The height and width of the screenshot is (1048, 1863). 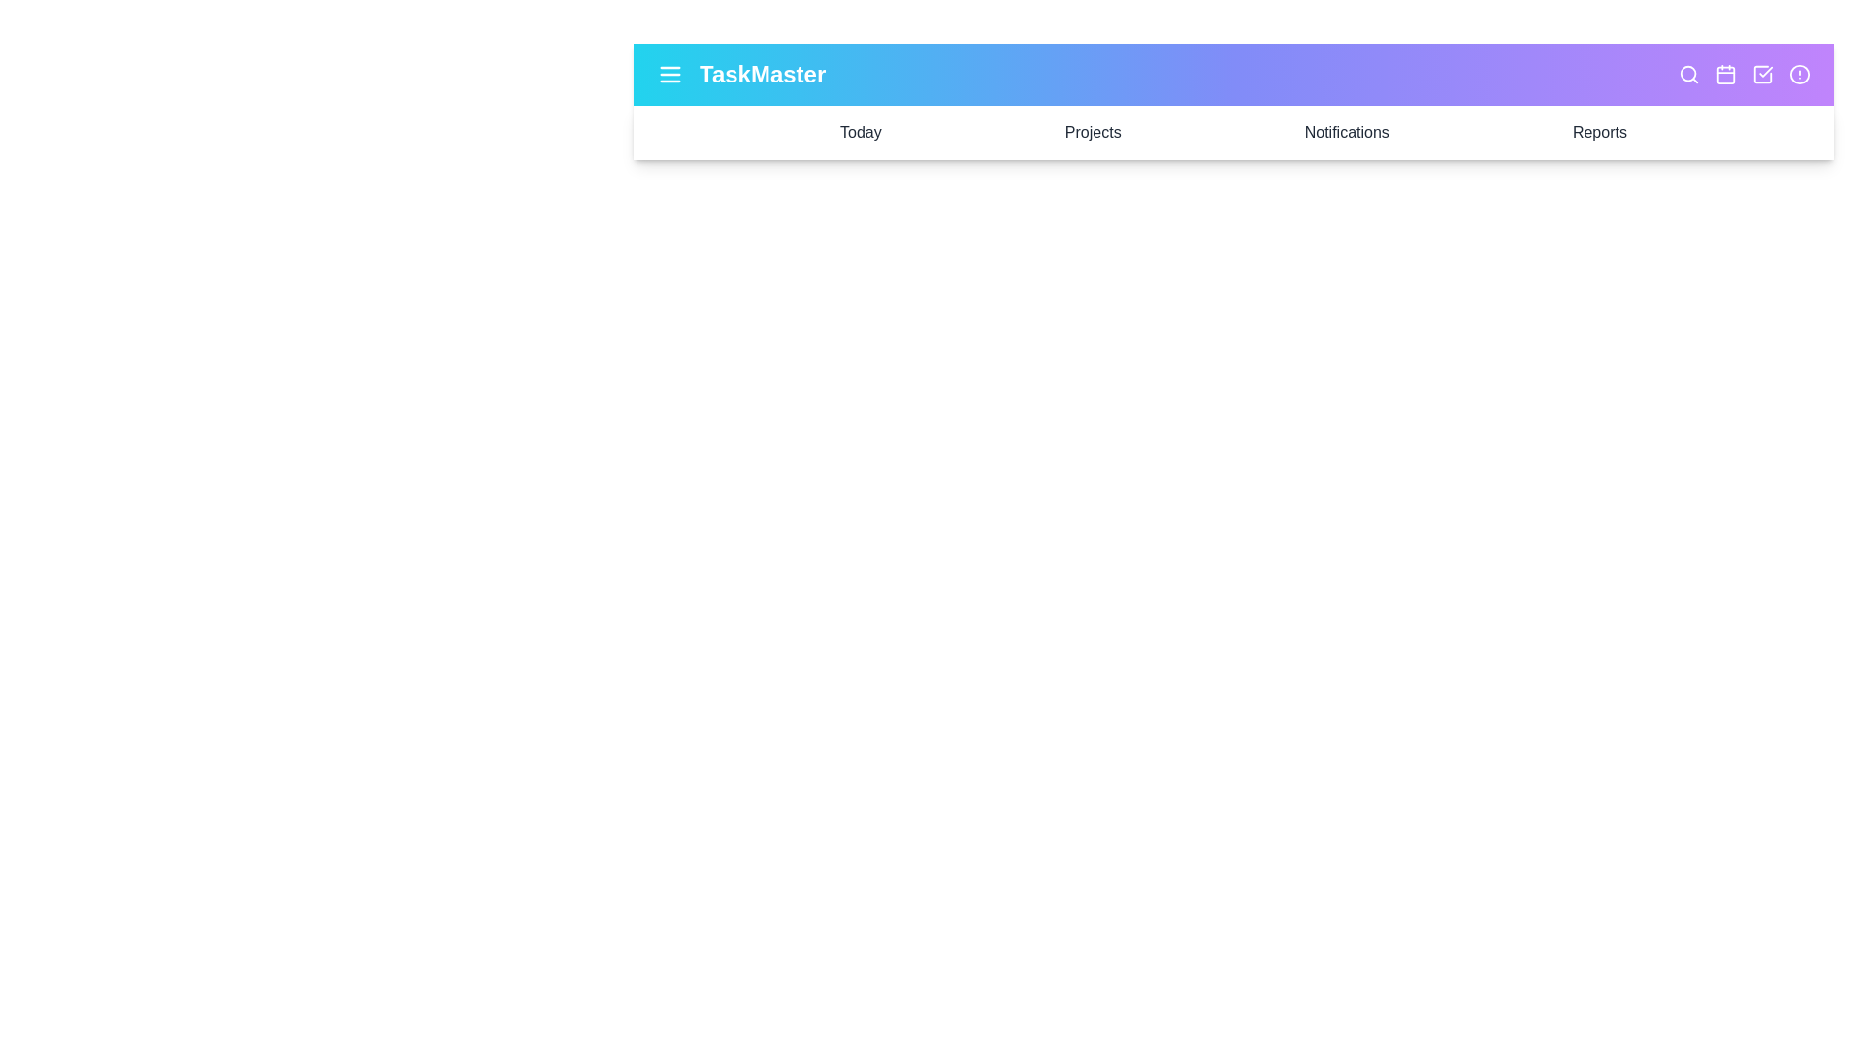 What do you see at coordinates (1763, 74) in the screenshot?
I see `the 'CheckSquare' icon to open the task completion view` at bounding box center [1763, 74].